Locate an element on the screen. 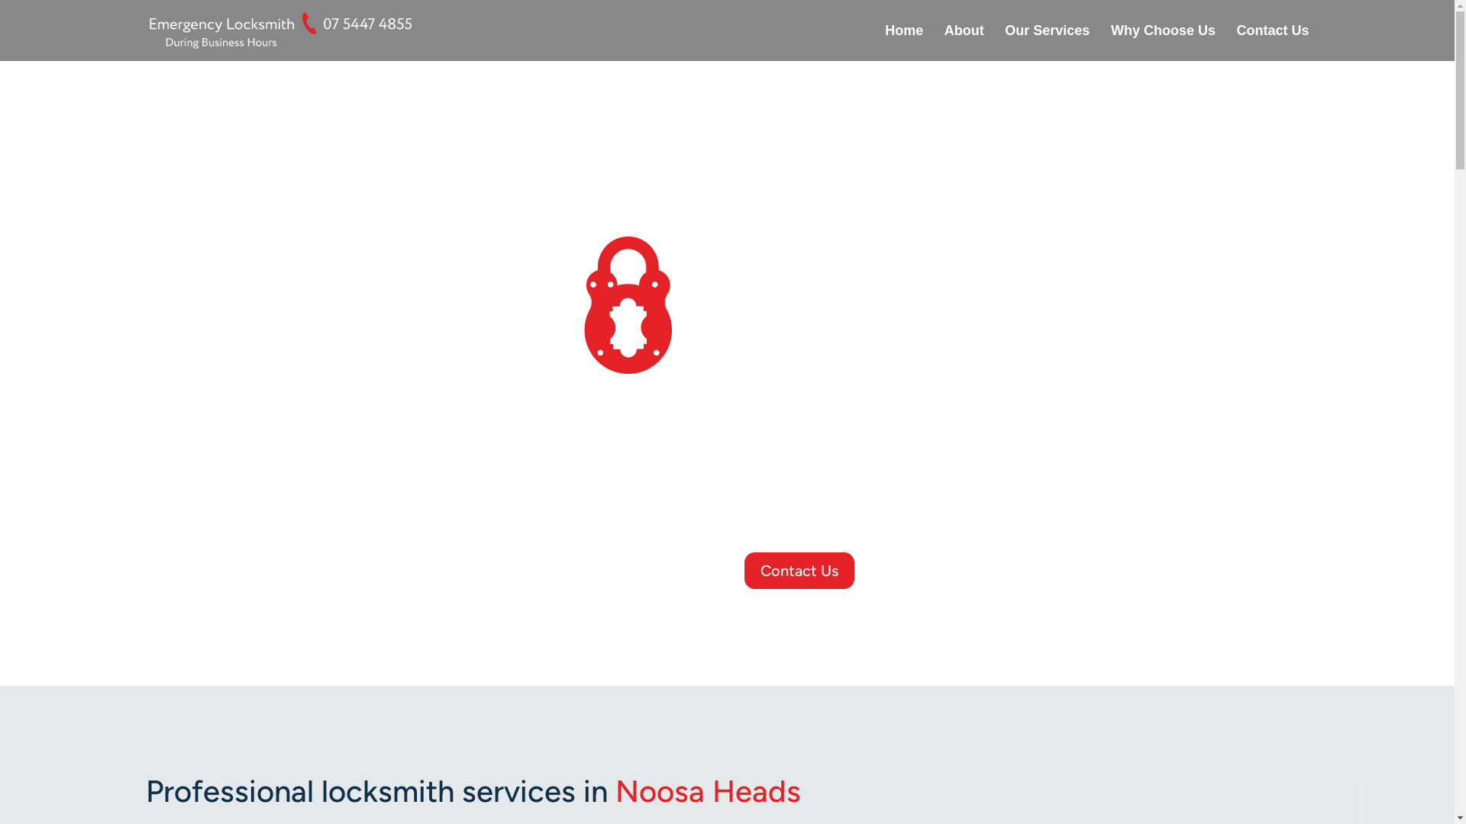 This screenshot has width=1466, height=824. 'Contact Us' is located at coordinates (798, 571).